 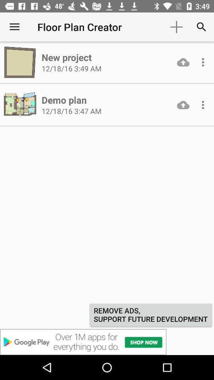 I want to click on show details, so click(x=203, y=62).